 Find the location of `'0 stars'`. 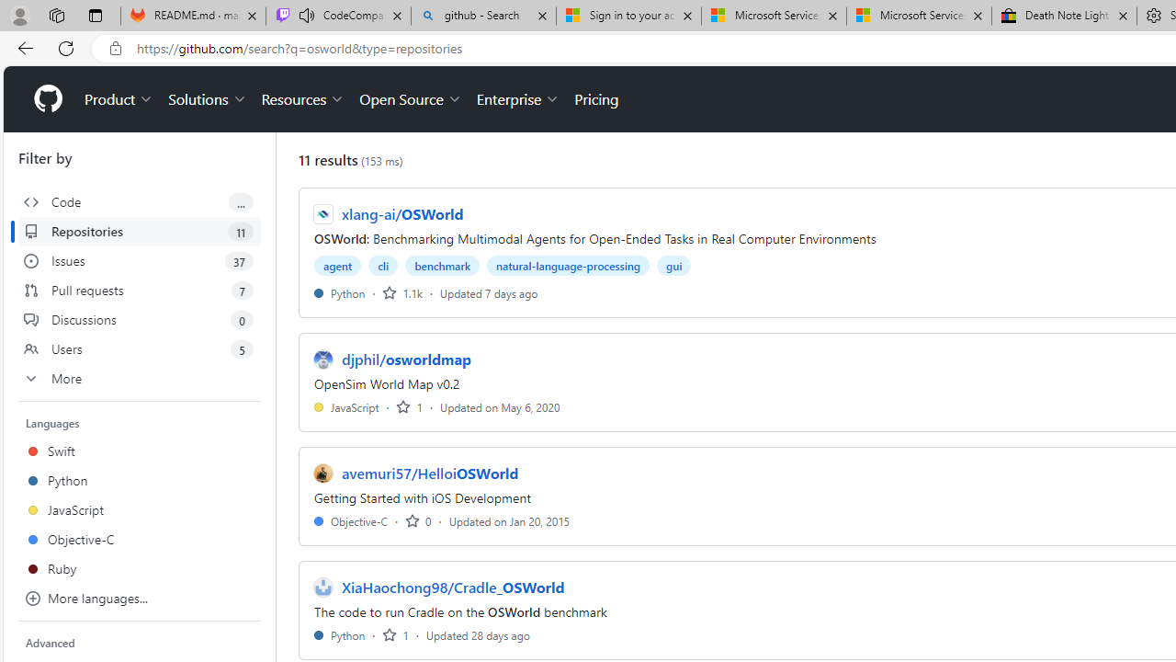

'0 stars' is located at coordinates (417, 520).